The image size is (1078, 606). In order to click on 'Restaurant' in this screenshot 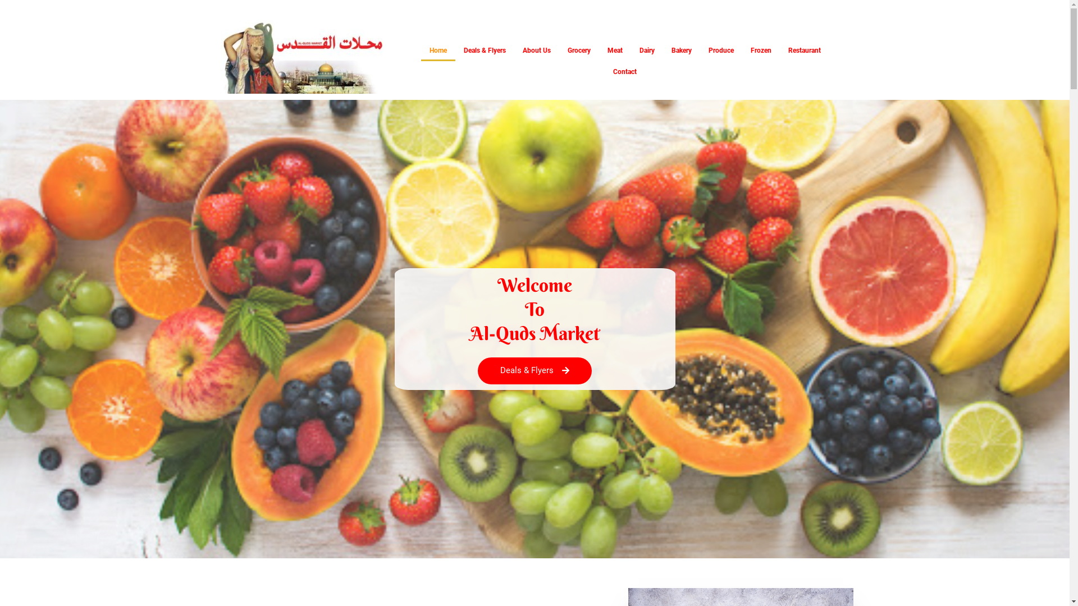, I will do `click(804, 49)`.